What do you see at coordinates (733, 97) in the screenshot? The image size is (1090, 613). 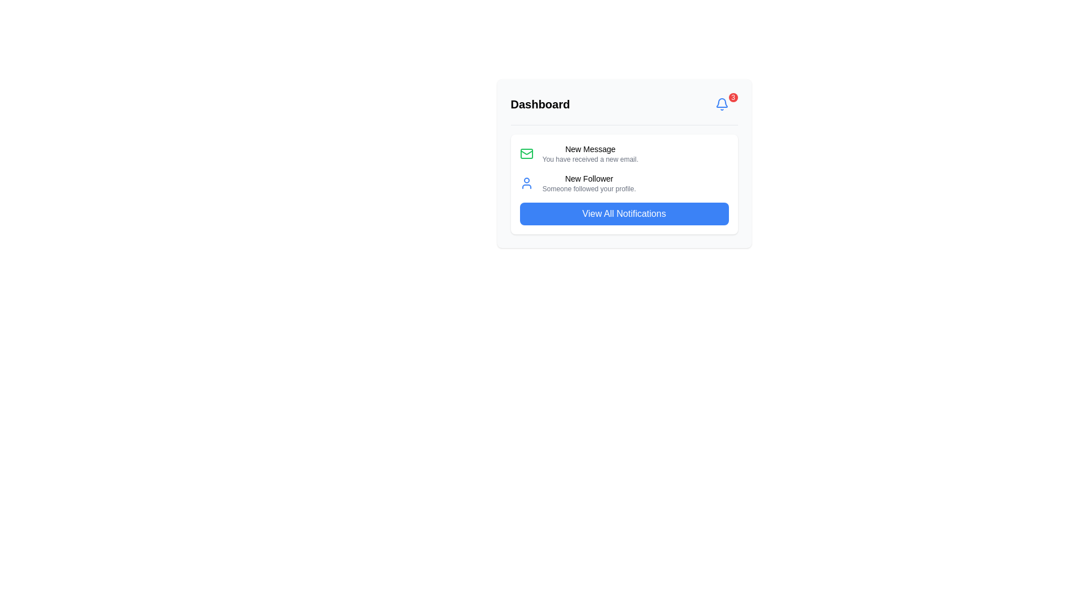 I see `the Badge notification counter located at the top-right corner of the bell icon, which displays the count of unread notifications` at bounding box center [733, 97].